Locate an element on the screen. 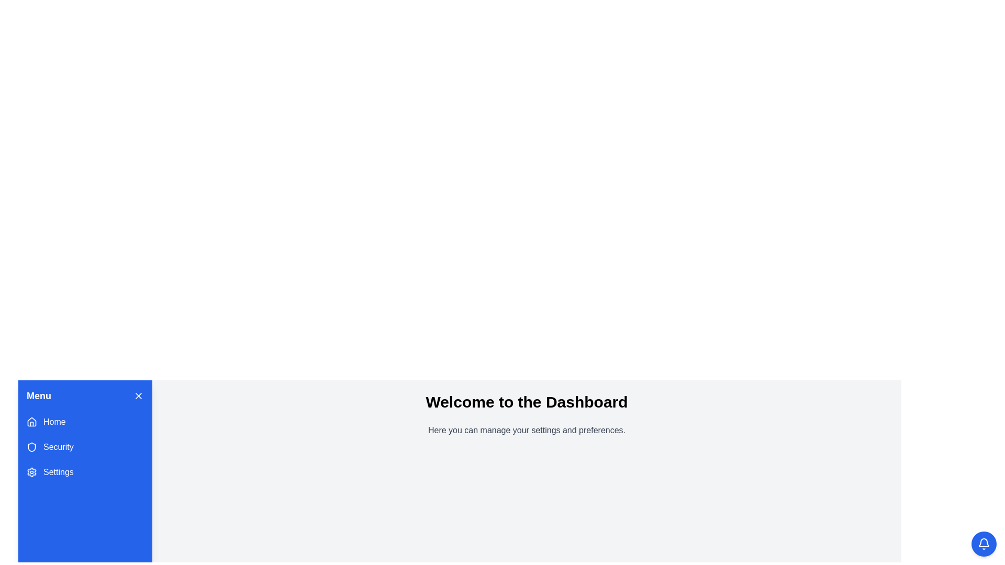 This screenshot has height=565, width=1005. the settings menu icon located at the bottom of the sidebar, immediately to the left of the 'Settings' label is located at coordinates (32, 472).